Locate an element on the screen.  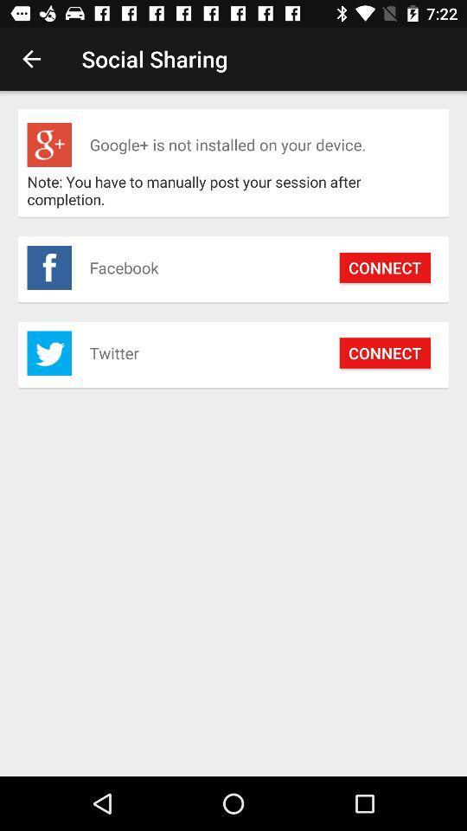
app to the left of the social sharing app is located at coordinates (31, 59).